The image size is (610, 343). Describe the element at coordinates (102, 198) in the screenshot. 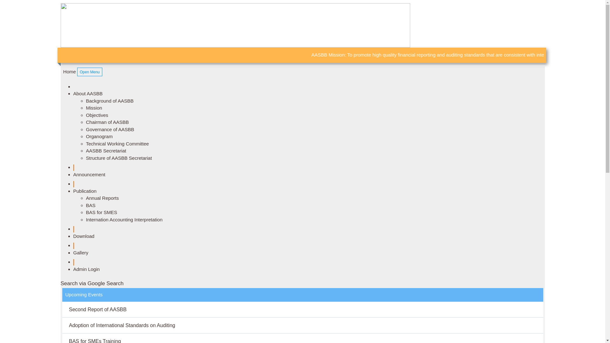

I see `'Annual Reports'` at that location.